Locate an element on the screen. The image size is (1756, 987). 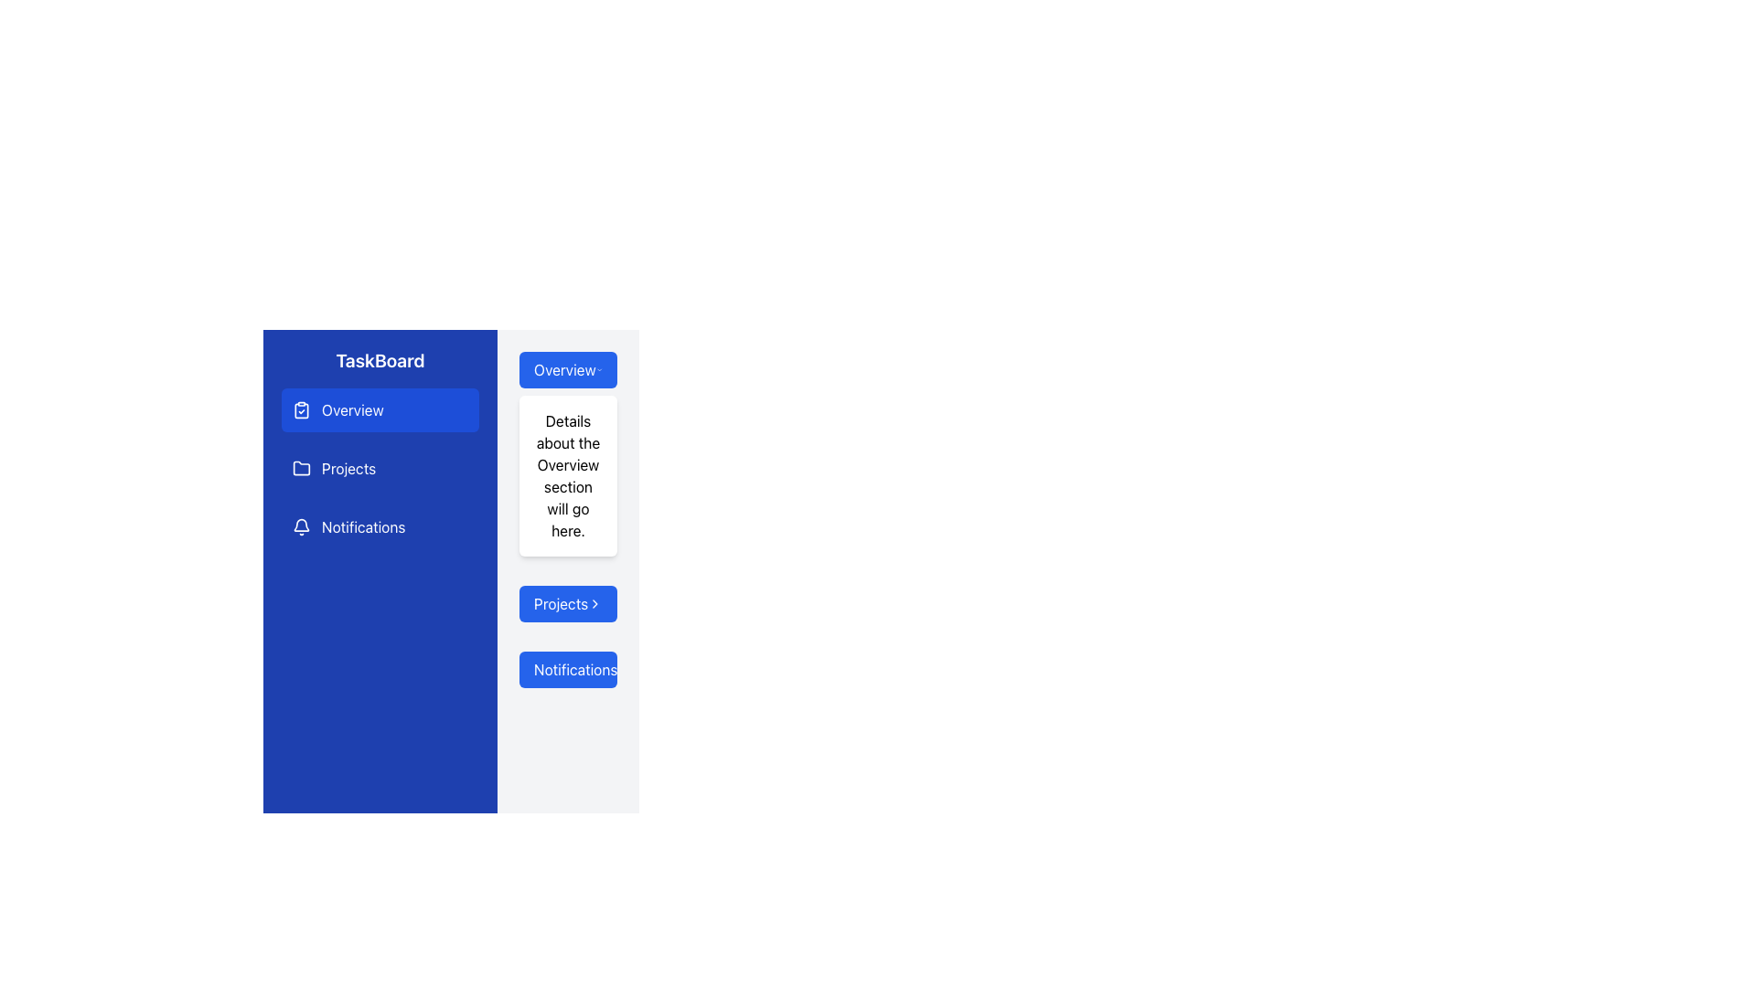
the 'Projects' navigation button is located at coordinates (567, 603).